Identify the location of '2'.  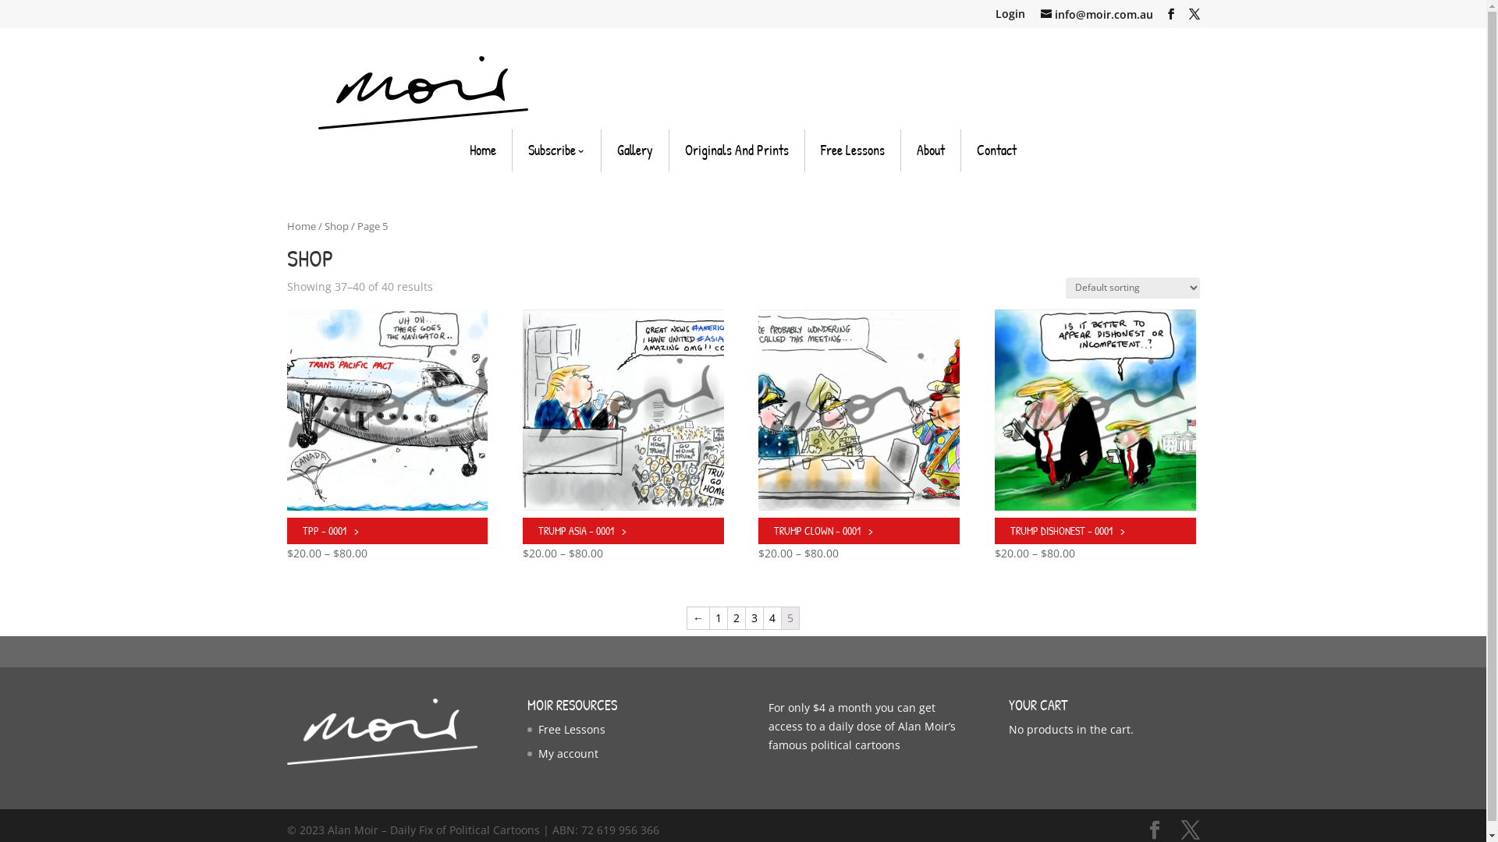
(736, 617).